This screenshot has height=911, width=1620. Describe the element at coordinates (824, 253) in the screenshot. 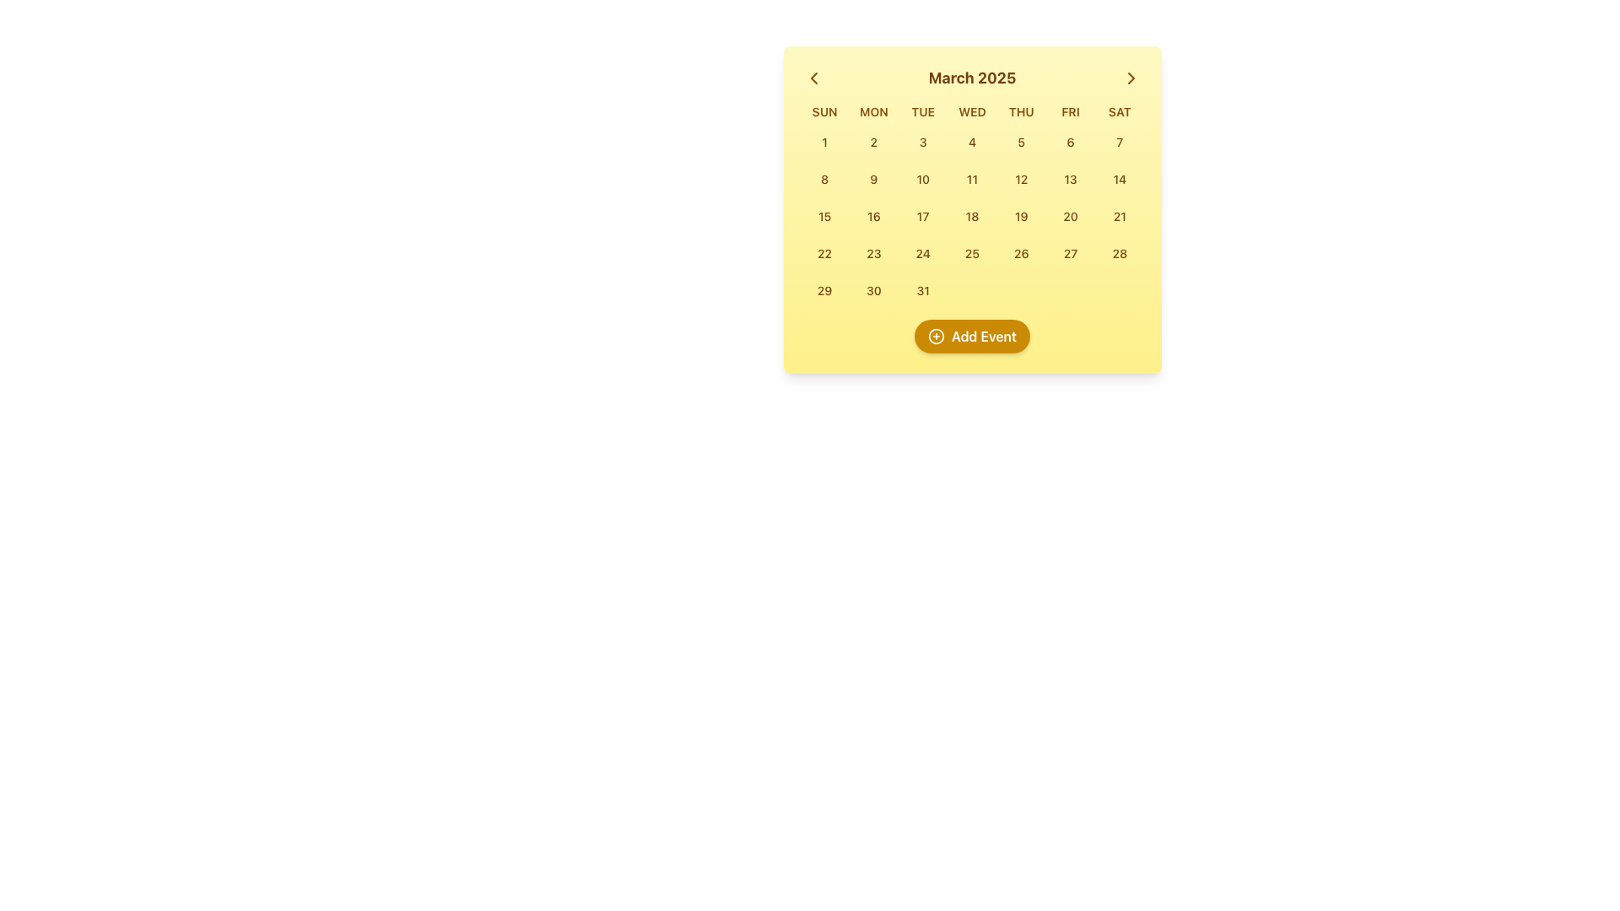

I see `the text element displaying the number '22' in the calendar for a tooltip or highlight effect` at that location.